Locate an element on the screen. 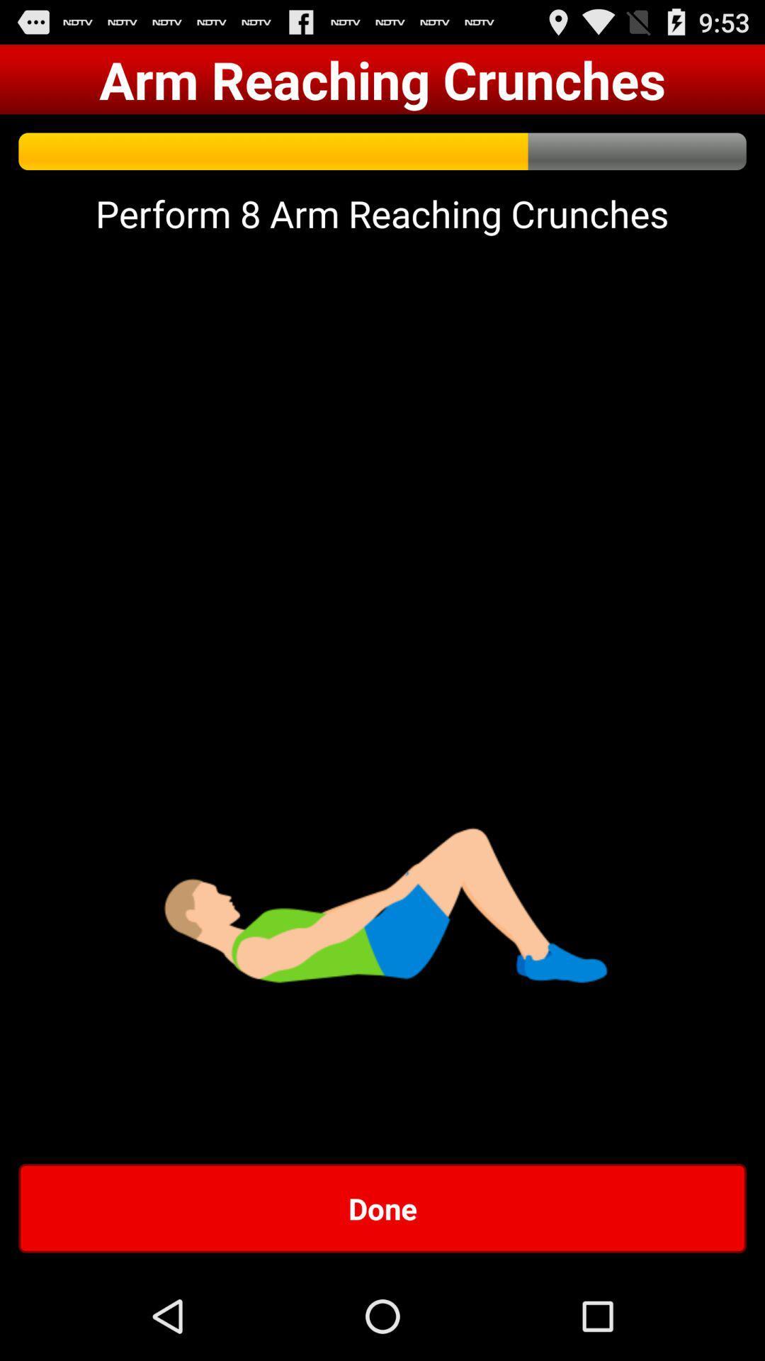 The image size is (765, 1361). item at the bottom is located at coordinates (382, 1207).